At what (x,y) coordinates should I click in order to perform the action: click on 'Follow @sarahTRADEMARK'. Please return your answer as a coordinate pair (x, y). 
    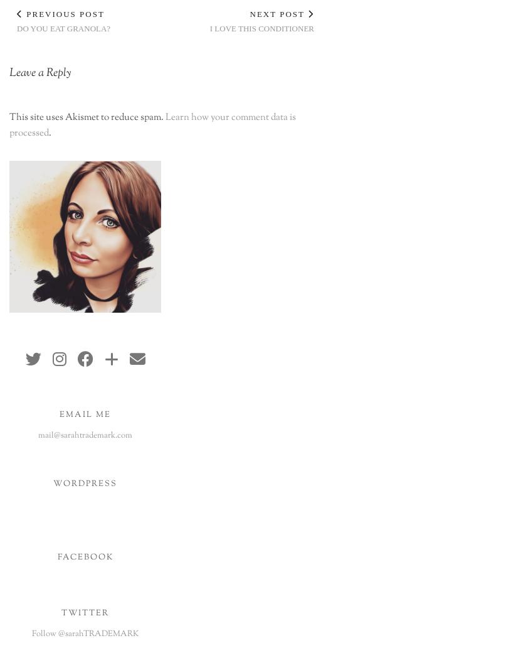
    Looking at the image, I should click on (85, 633).